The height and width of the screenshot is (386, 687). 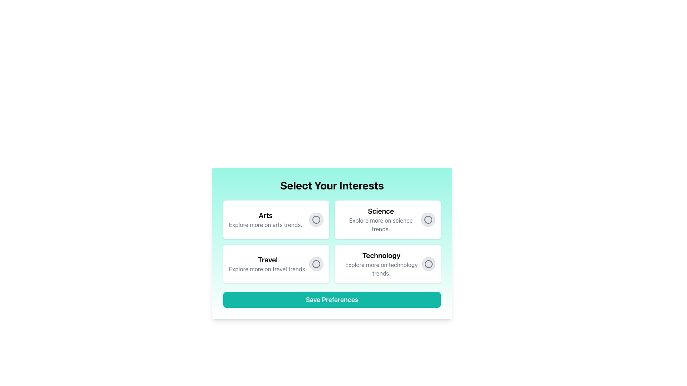 What do you see at coordinates (428, 219) in the screenshot?
I see `the radio button styled with a gray border and background, associated with the text 'Science'` at bounding box center [428, 219].